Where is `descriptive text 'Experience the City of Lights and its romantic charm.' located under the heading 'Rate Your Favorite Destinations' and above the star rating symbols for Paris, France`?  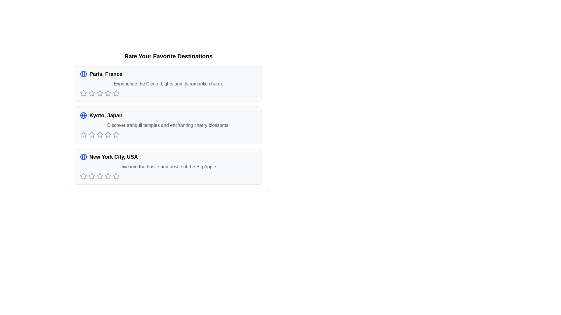 descriptive text 'Experience the City of Lights and its romantic charm.' located under the heading 'Rate Your Favorite Destinations' and above the star rating symbols for Paris, France is located at coordinates (168, 84).